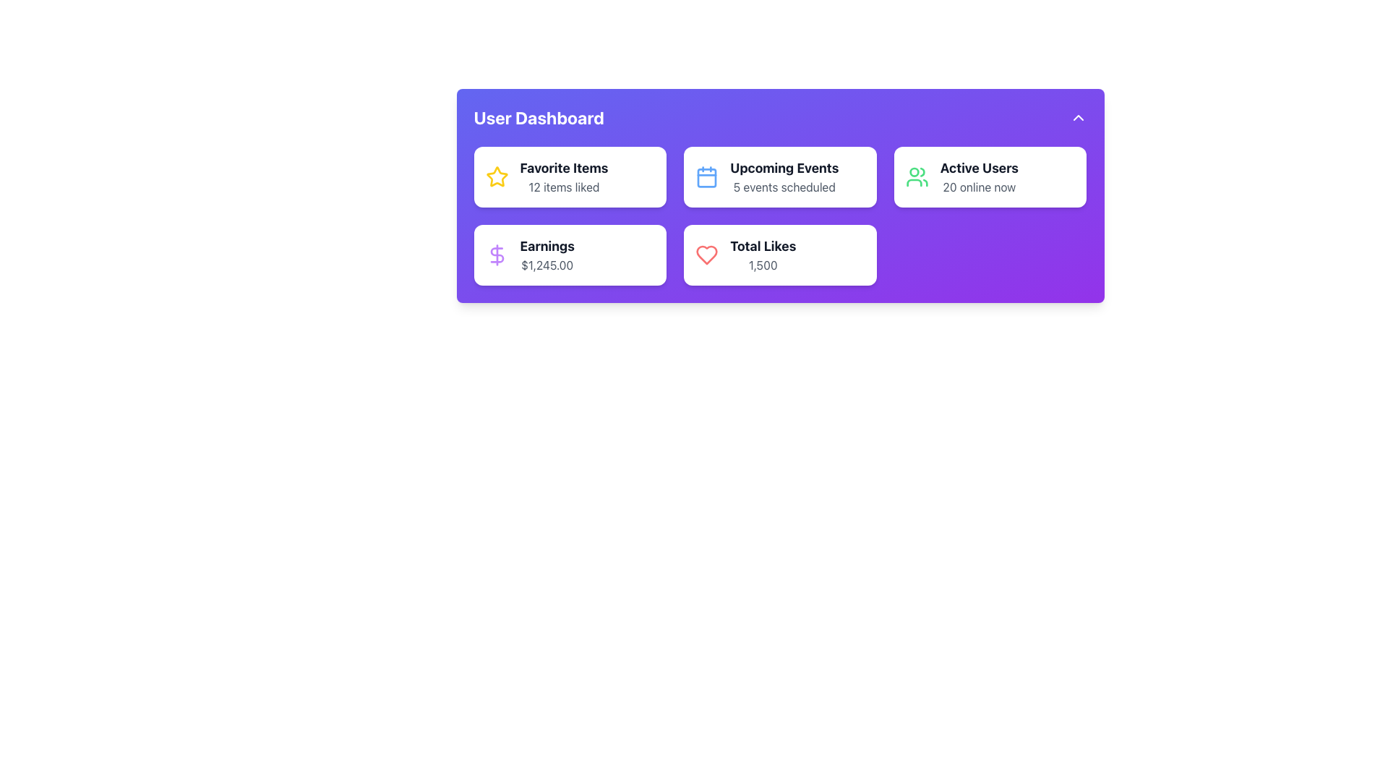  Describe the element at coordinates (563, 176) in the screenshot. I see `the text block that spans two lines, providing information about the user's liked items, located on the top-left card within the main dashboard section, to the right of the yellow star icon` at that location.